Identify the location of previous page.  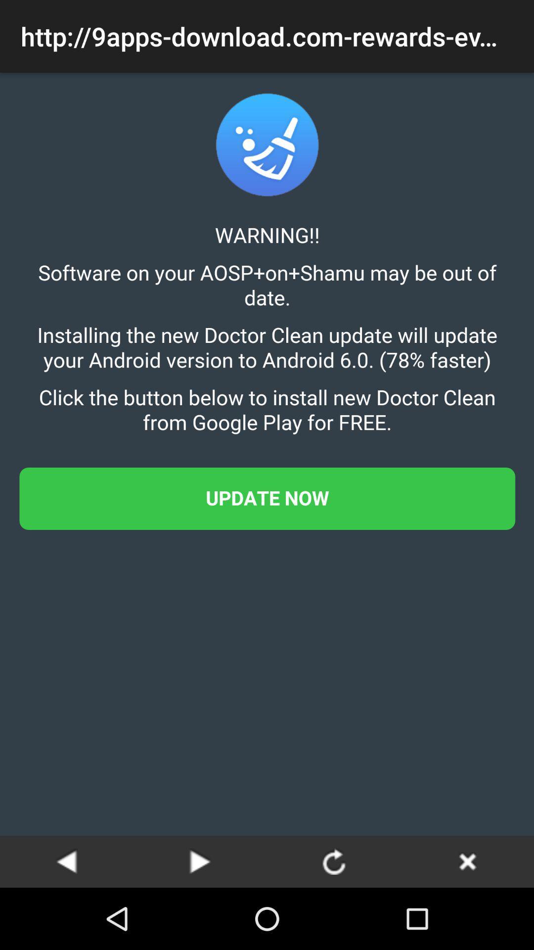
(67, 861).